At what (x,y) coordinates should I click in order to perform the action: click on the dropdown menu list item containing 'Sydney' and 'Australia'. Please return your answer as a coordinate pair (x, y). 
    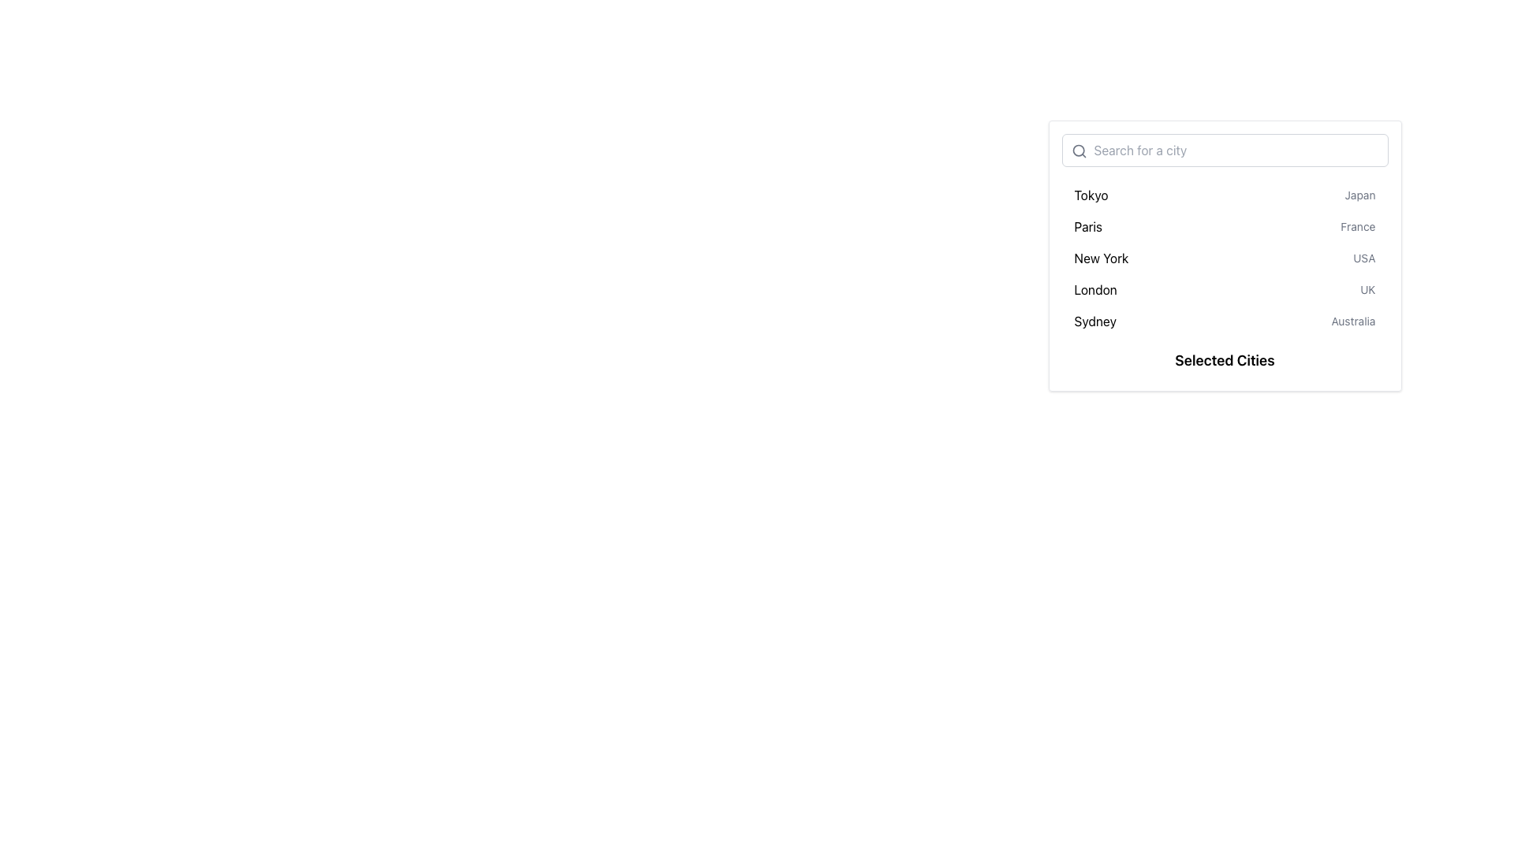
    Looking at the image, I should click on (1224, 321).